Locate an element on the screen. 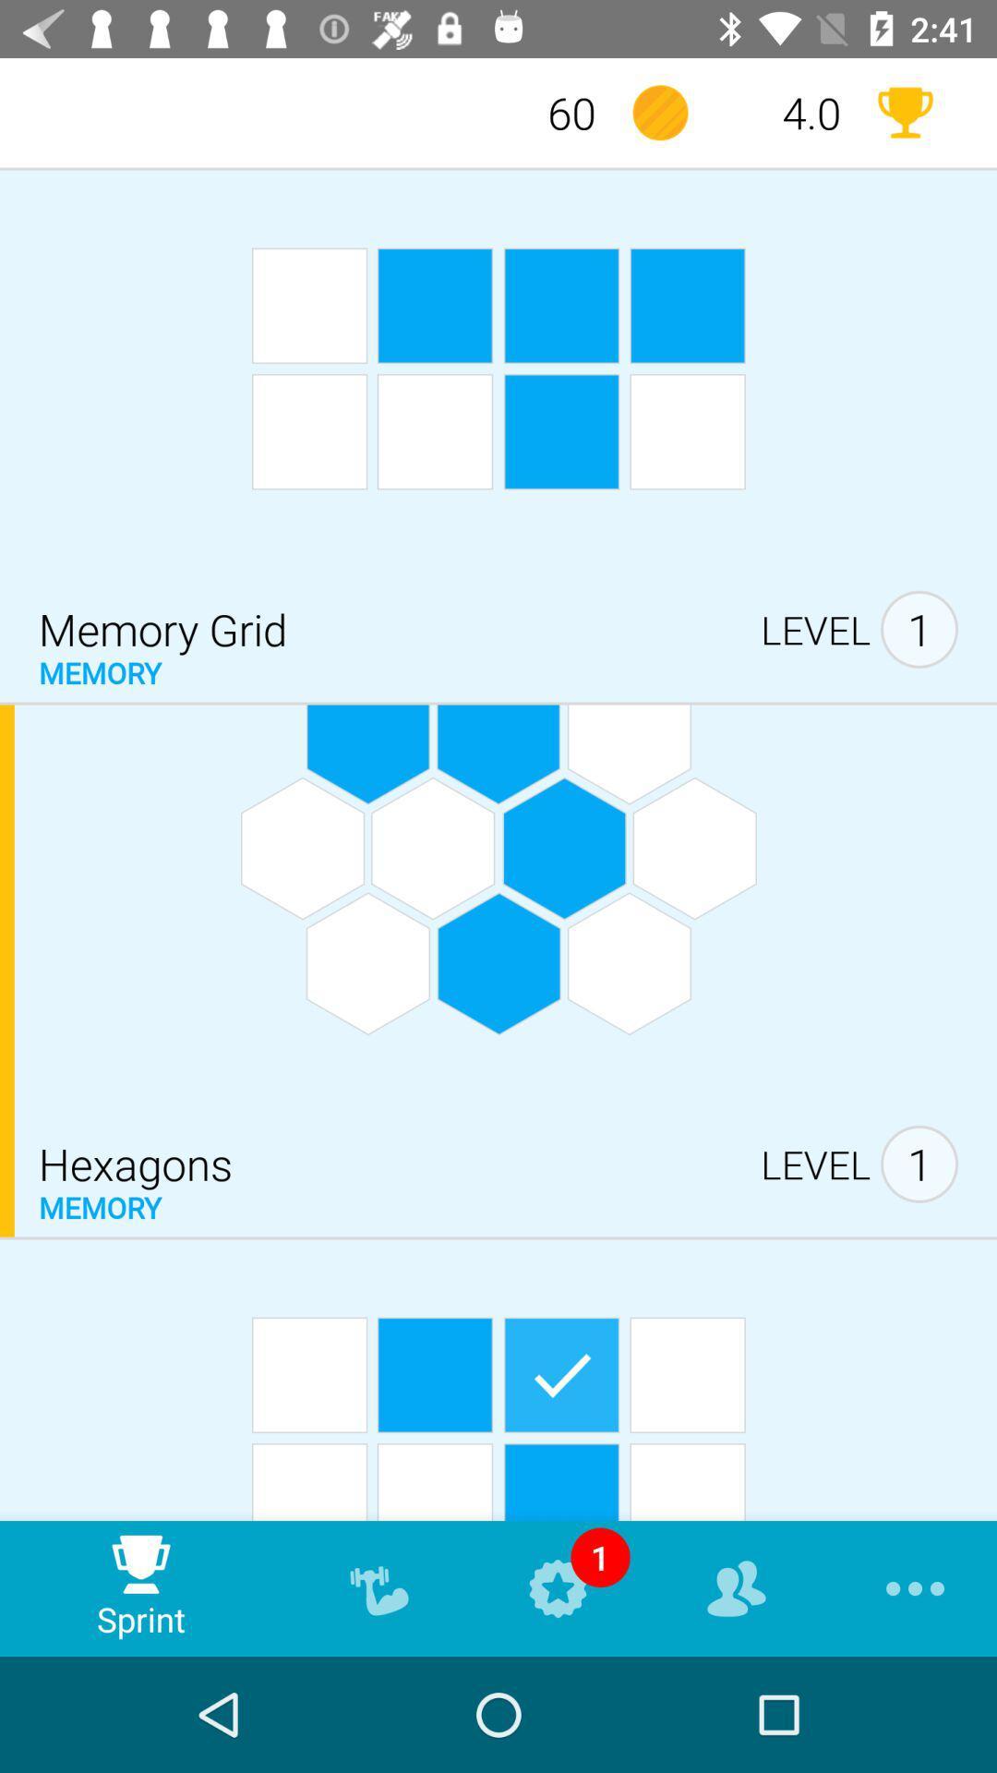 The image size is (997, 1773). icon next to the 4.0 item is located at coordinates (659, 112).